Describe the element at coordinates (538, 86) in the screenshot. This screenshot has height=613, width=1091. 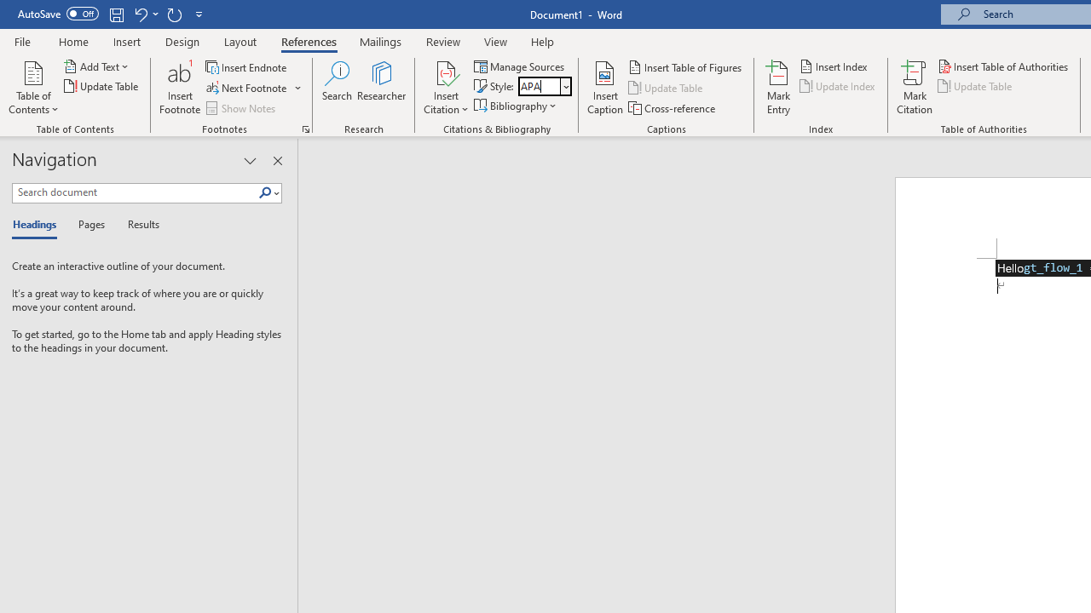
I see `'Style'` at that location.